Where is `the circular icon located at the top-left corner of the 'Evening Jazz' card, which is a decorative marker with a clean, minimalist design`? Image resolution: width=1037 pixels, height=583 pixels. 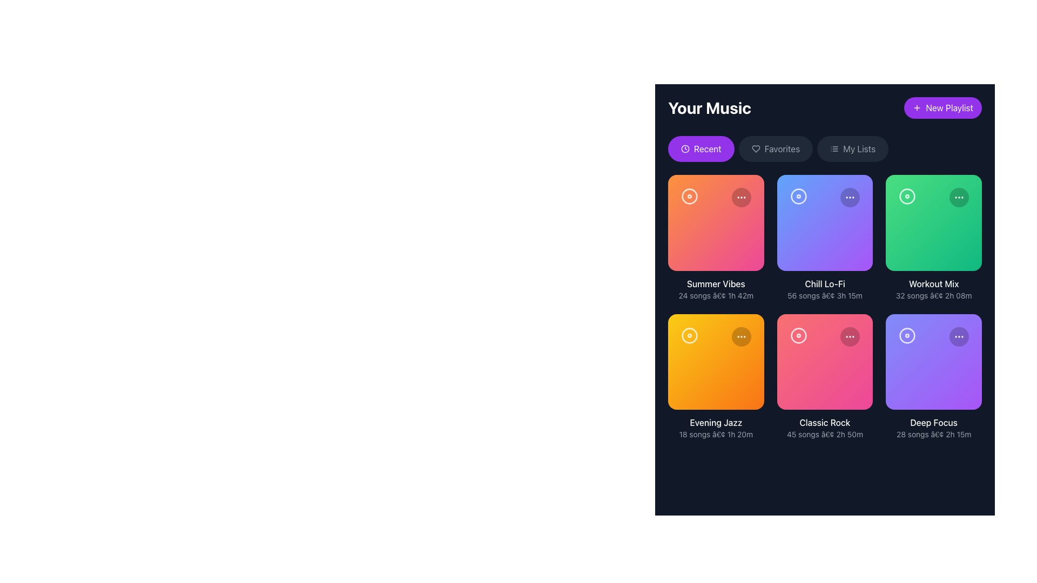 the circular icon located at the top-left corner of the 'Evening Jazz' card, which is a decorative marker with a clean, minimalist design is located at coordinates (689, 335).